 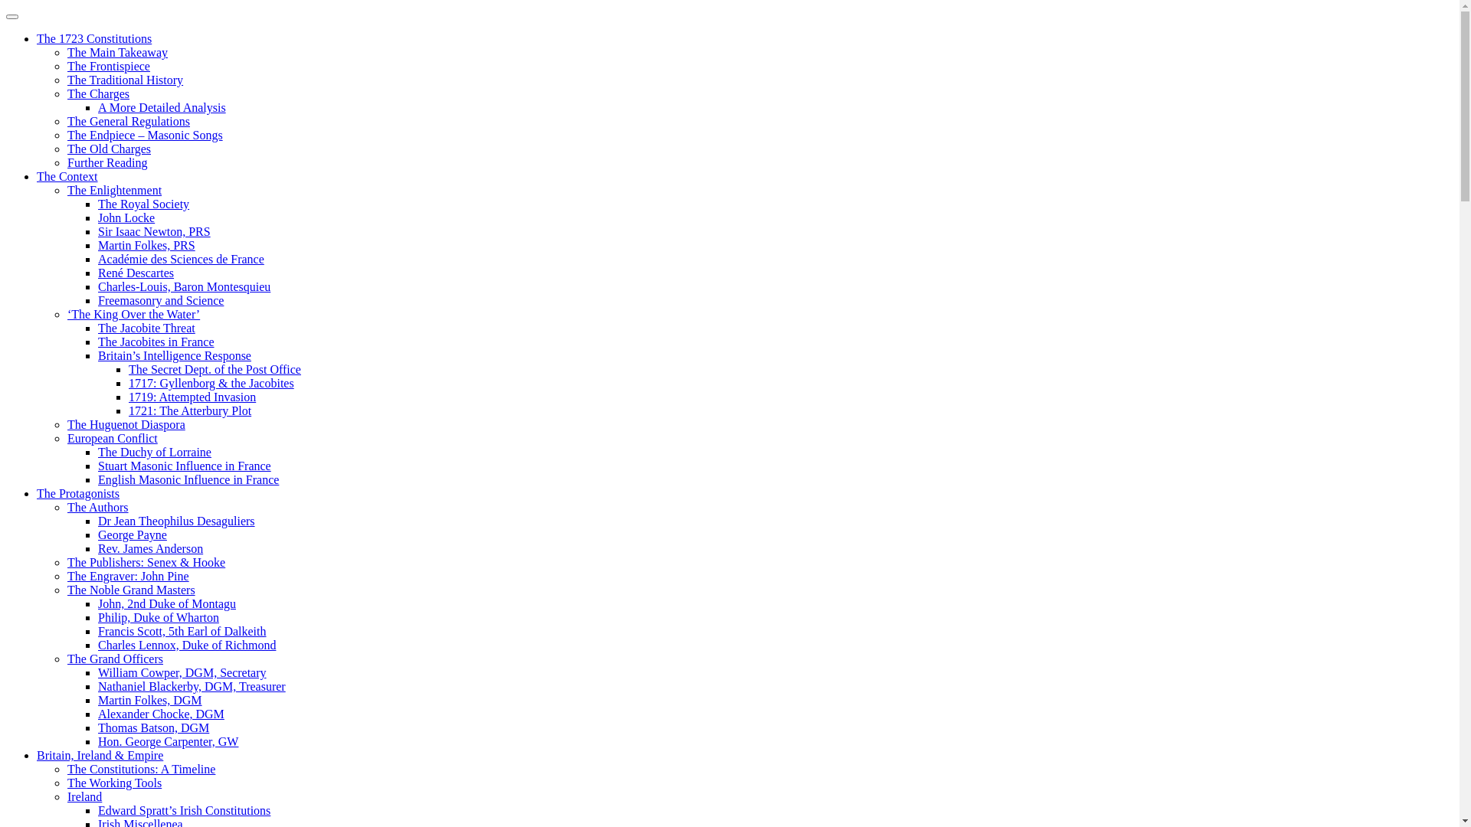 I want to click on 'The Old Charges', so click(x=108, y=149).